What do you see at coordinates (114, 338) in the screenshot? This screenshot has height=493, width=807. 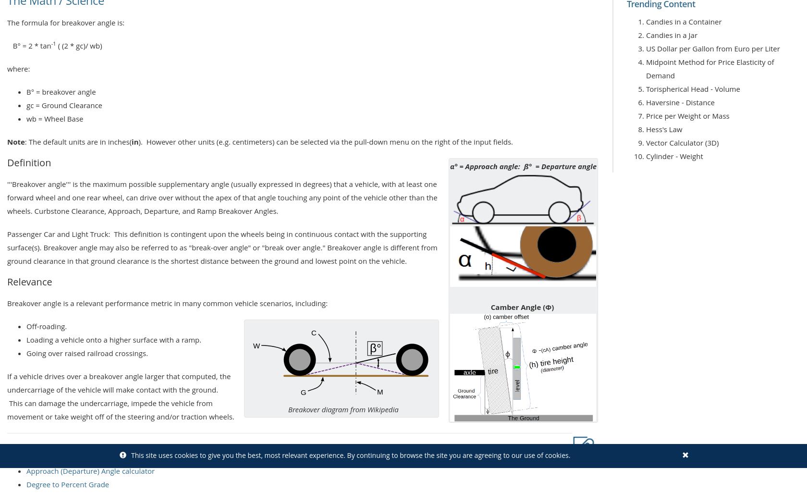 I see `'Loading a vehicle onto a higher surface with a ramp.'` at bounding box center [114, 338].